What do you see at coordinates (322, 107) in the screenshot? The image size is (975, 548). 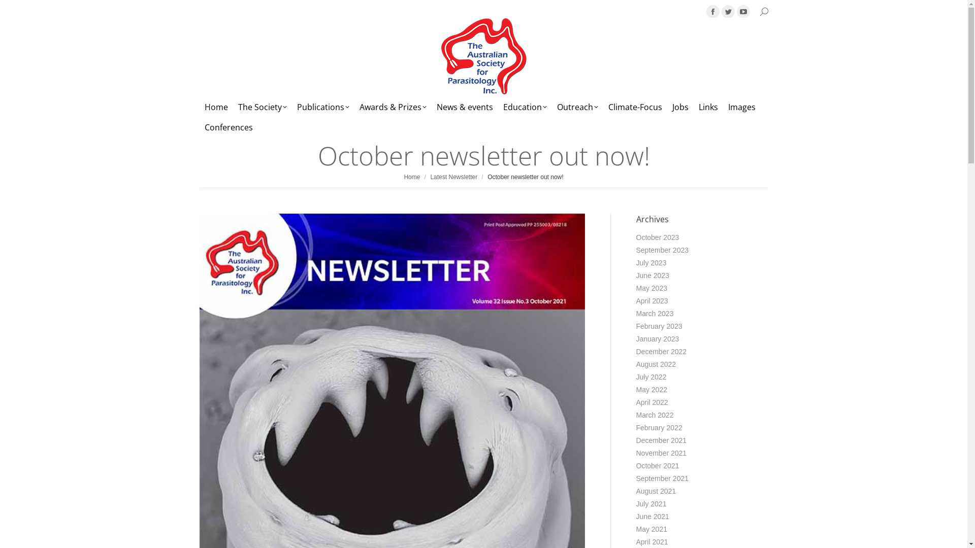 I see `'Publications'` at bounding box center [322, 107].